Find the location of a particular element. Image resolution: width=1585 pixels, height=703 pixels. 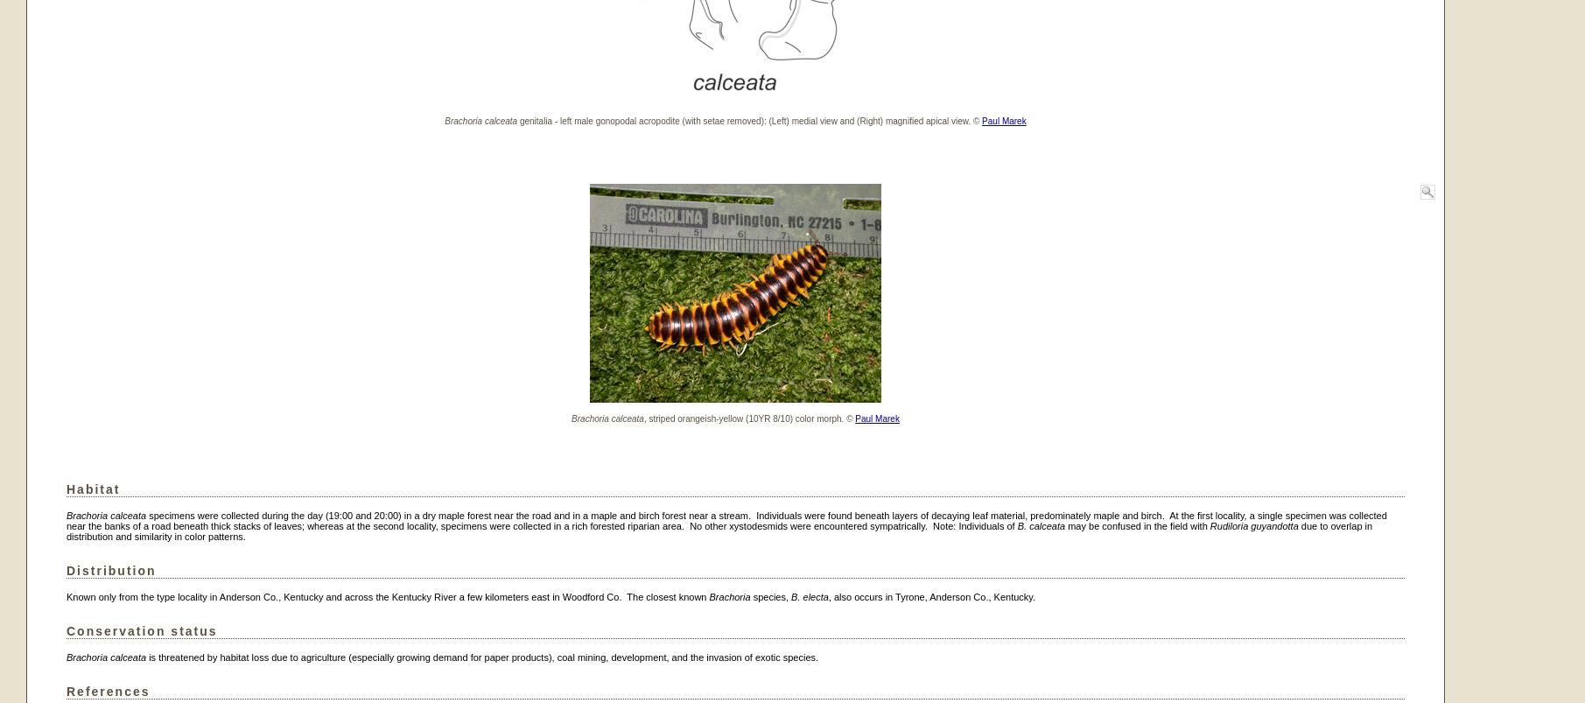

'Rudiloria guyandotta' is located at coordinates (1208, 524).